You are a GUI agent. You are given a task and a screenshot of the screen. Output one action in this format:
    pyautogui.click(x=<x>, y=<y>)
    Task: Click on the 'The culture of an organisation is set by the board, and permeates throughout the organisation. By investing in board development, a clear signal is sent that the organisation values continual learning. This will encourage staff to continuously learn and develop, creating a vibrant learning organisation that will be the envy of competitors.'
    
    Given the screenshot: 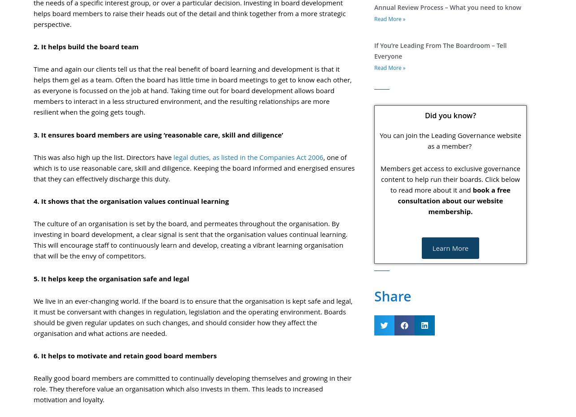 What is the action you would take?
    pyautogui.click(x=190, y=239)
    